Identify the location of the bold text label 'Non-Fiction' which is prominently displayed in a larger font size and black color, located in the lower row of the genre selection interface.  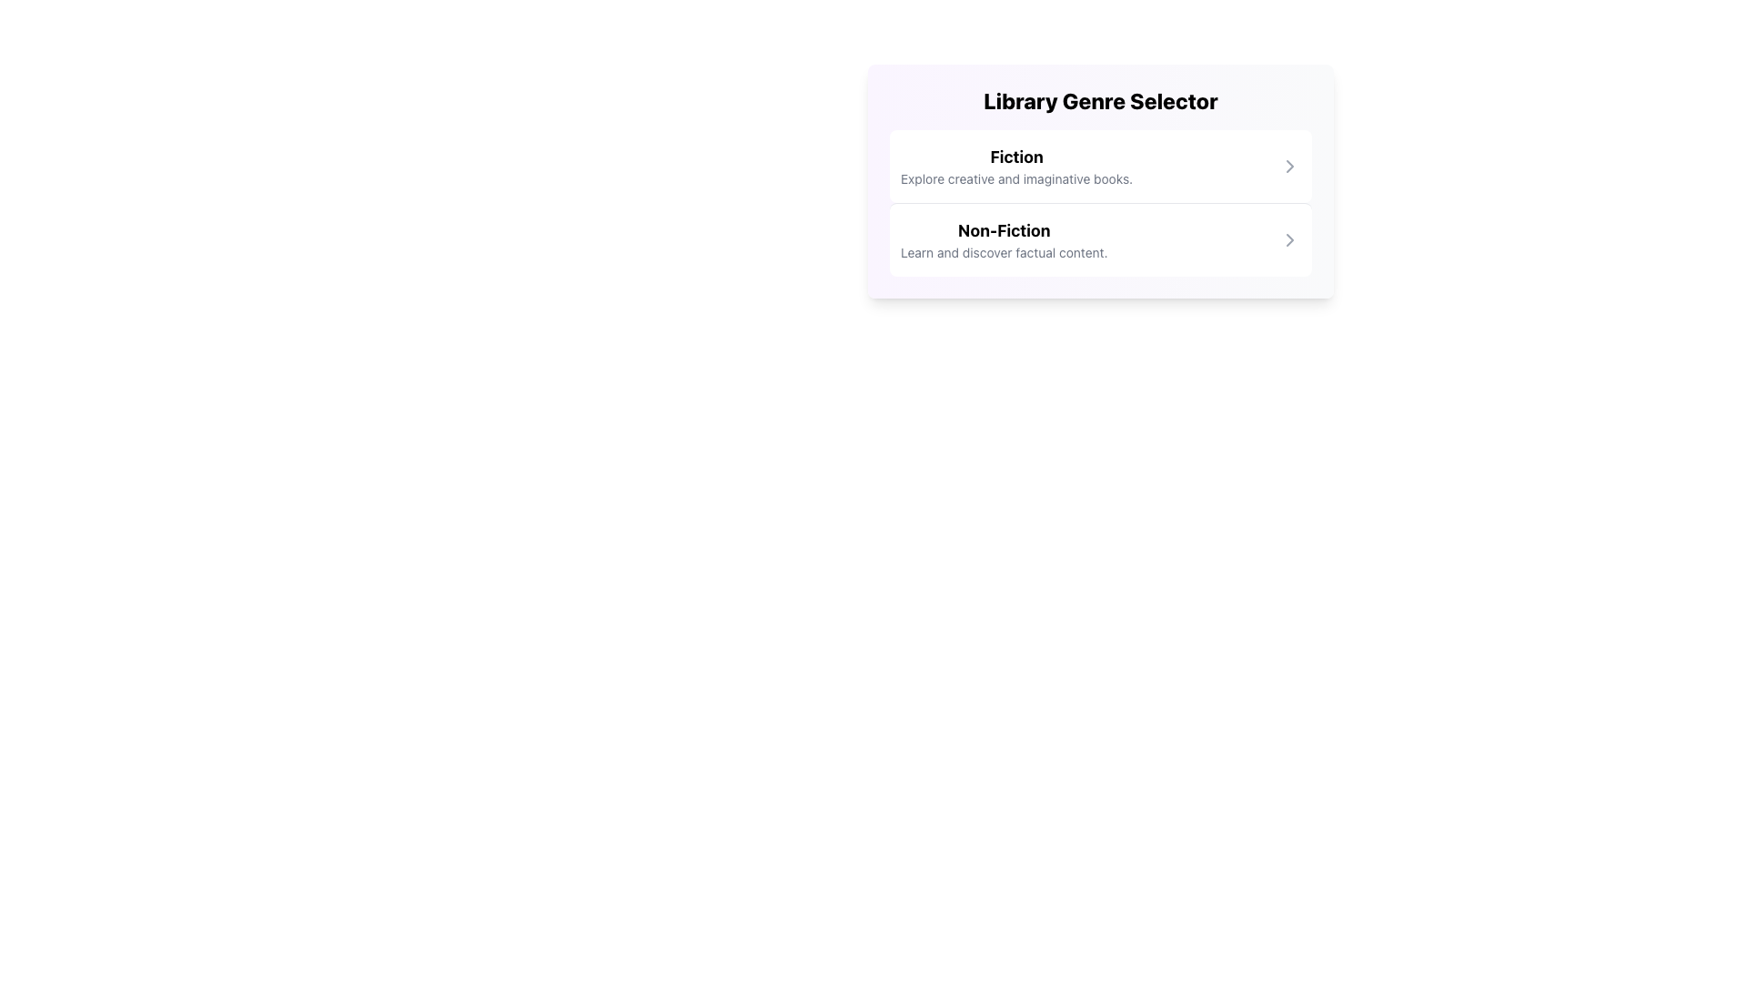
(1003, 230).